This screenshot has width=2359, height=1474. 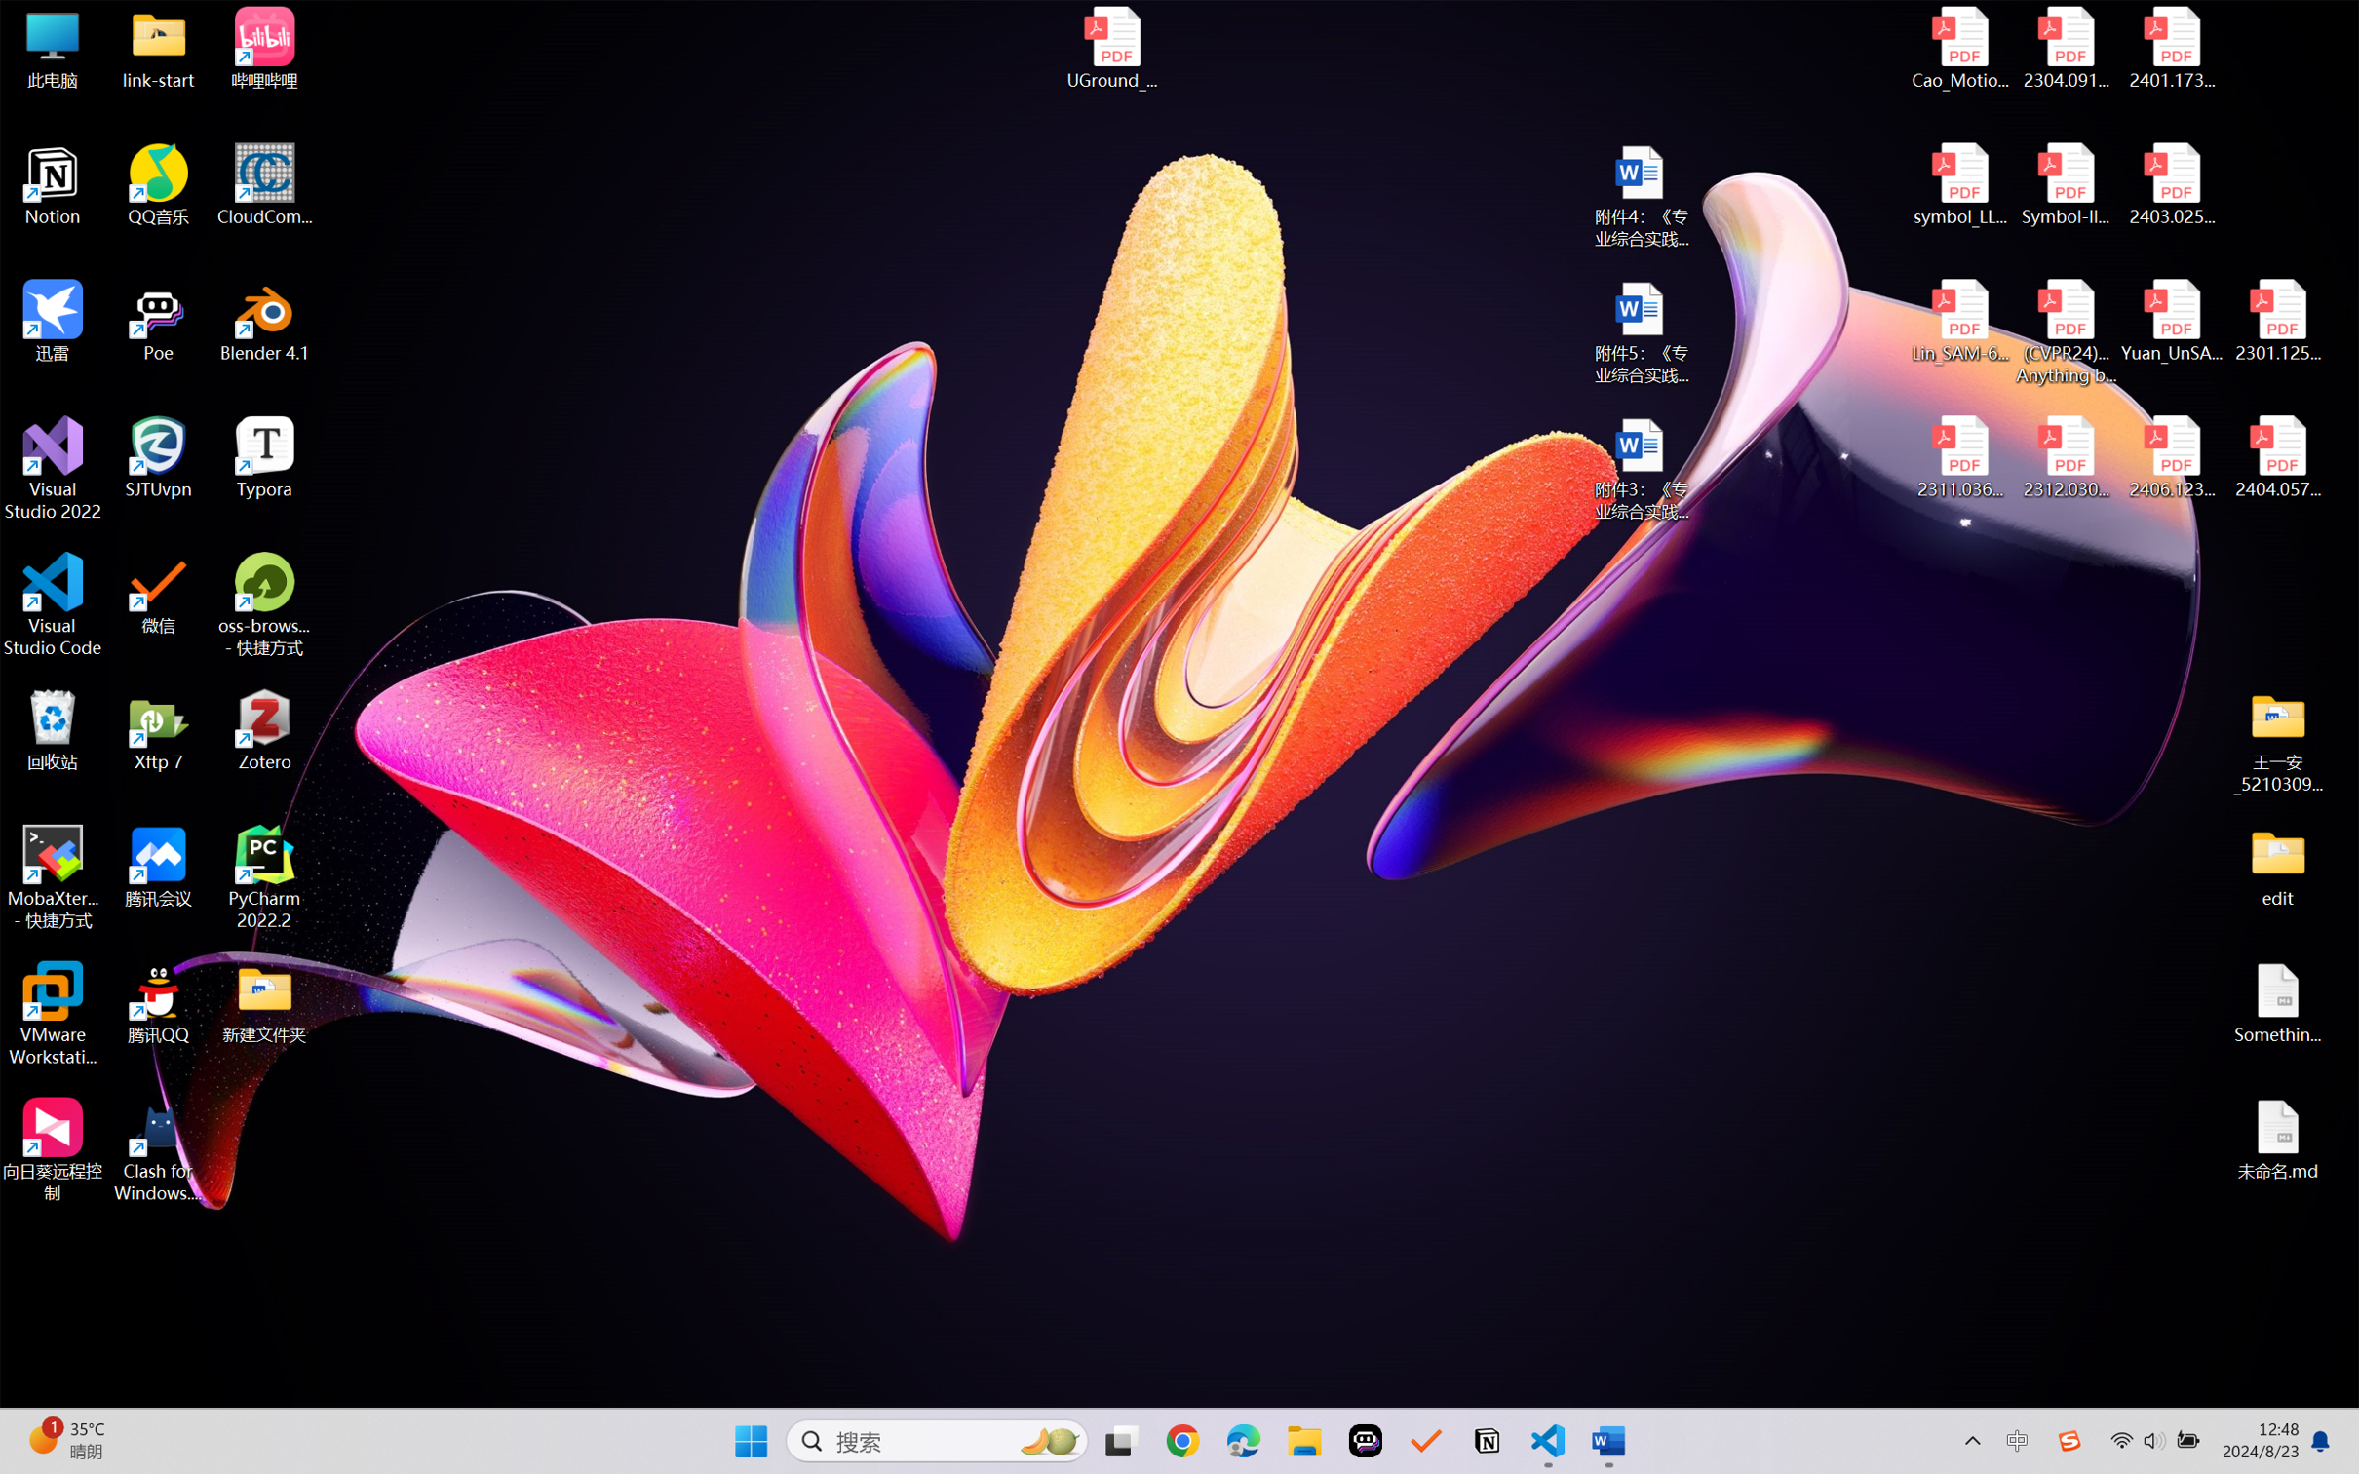 I want to click on 'PyCharm 2022.2', so click(x=264, y=877).